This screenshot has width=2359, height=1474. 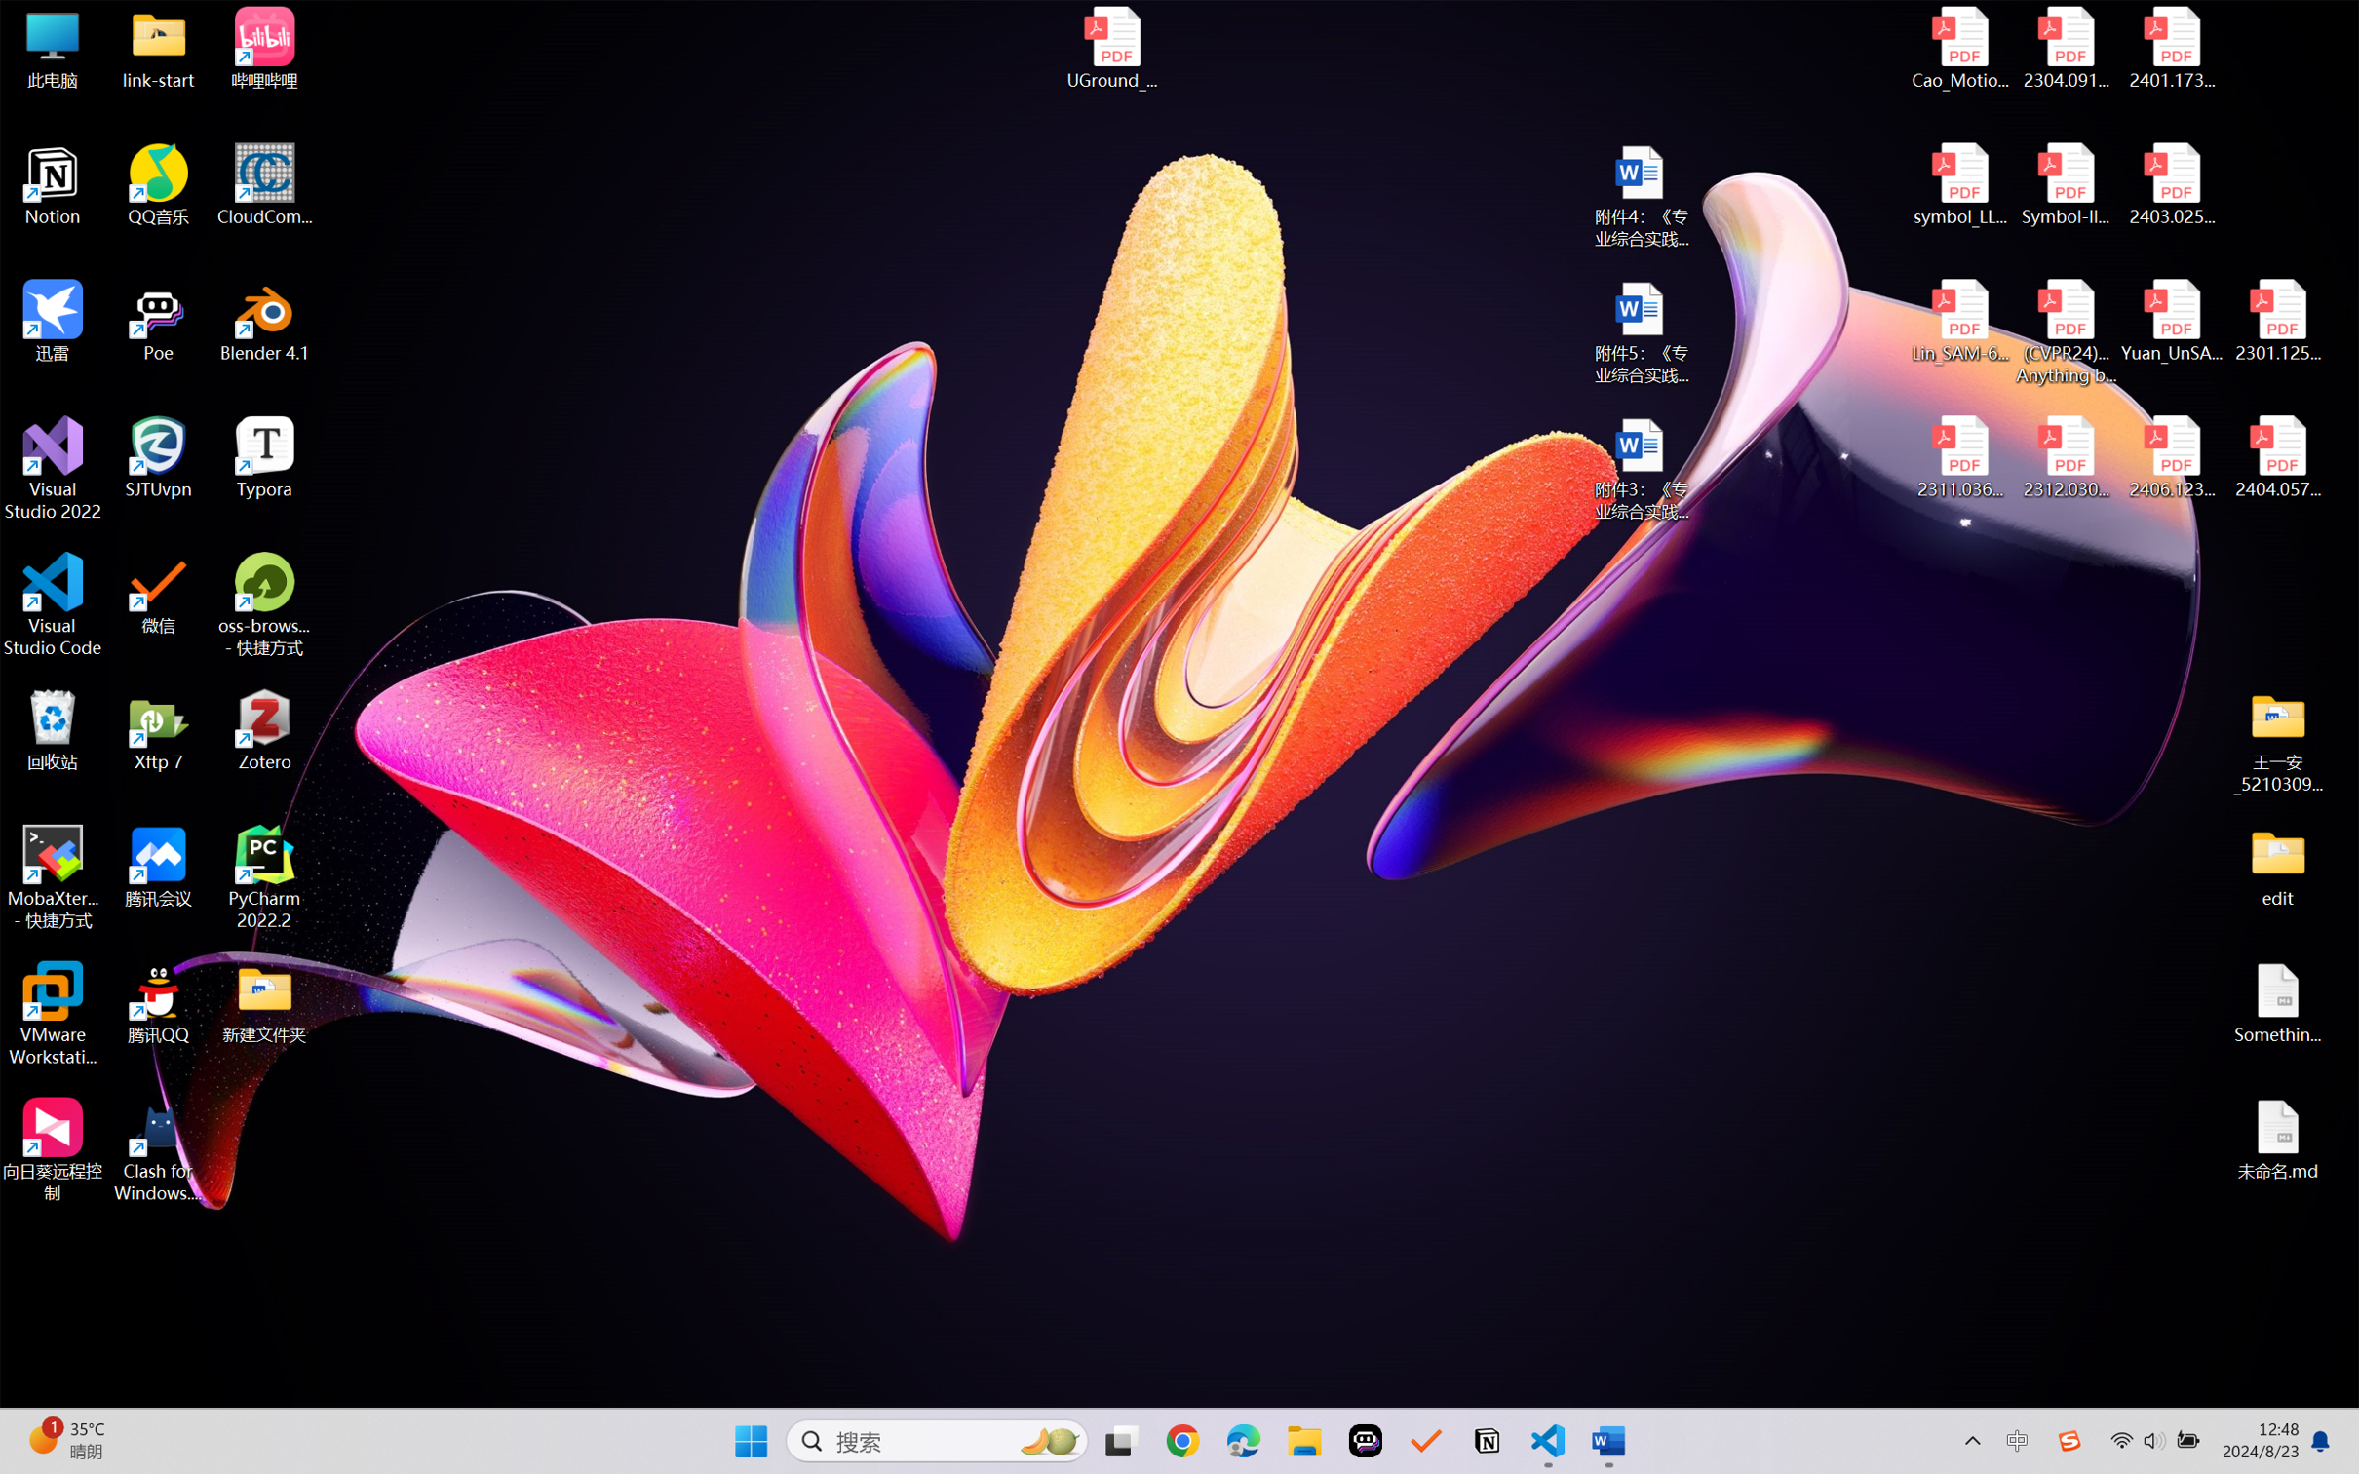 I want to click on 'PyCharm 2022.2', so click(x=264, y=877).